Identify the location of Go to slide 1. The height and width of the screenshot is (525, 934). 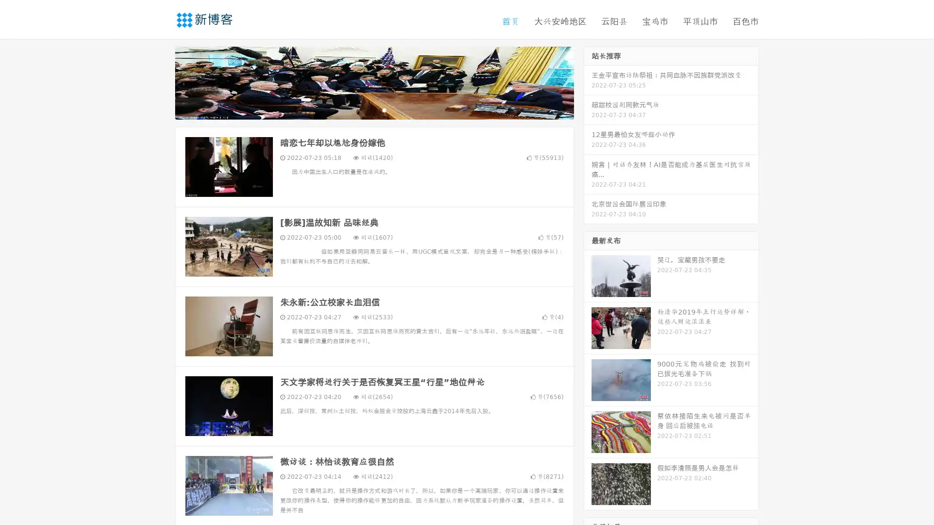
(364, 109).